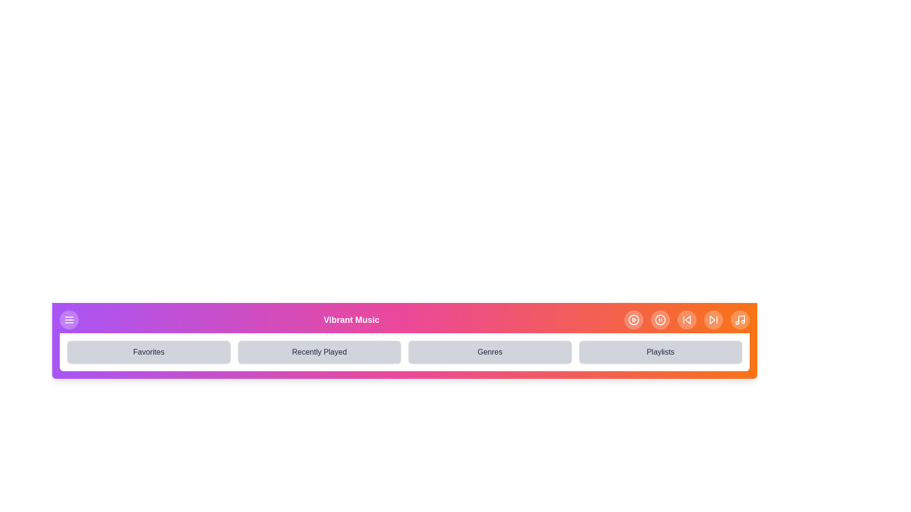  I want to click on the navigation item Genres from the navigation bar, so click(490, 352).